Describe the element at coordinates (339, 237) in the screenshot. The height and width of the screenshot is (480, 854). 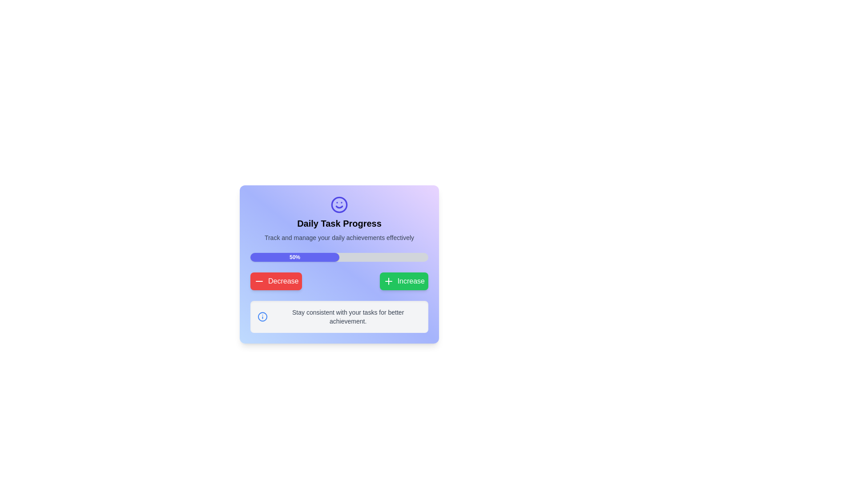
I see `the text label that reads 'Track and manage your daily achievements effectively', which is positioned immediately below the bold title 'Daily Task Progress' and centered within its card interface` at that location.